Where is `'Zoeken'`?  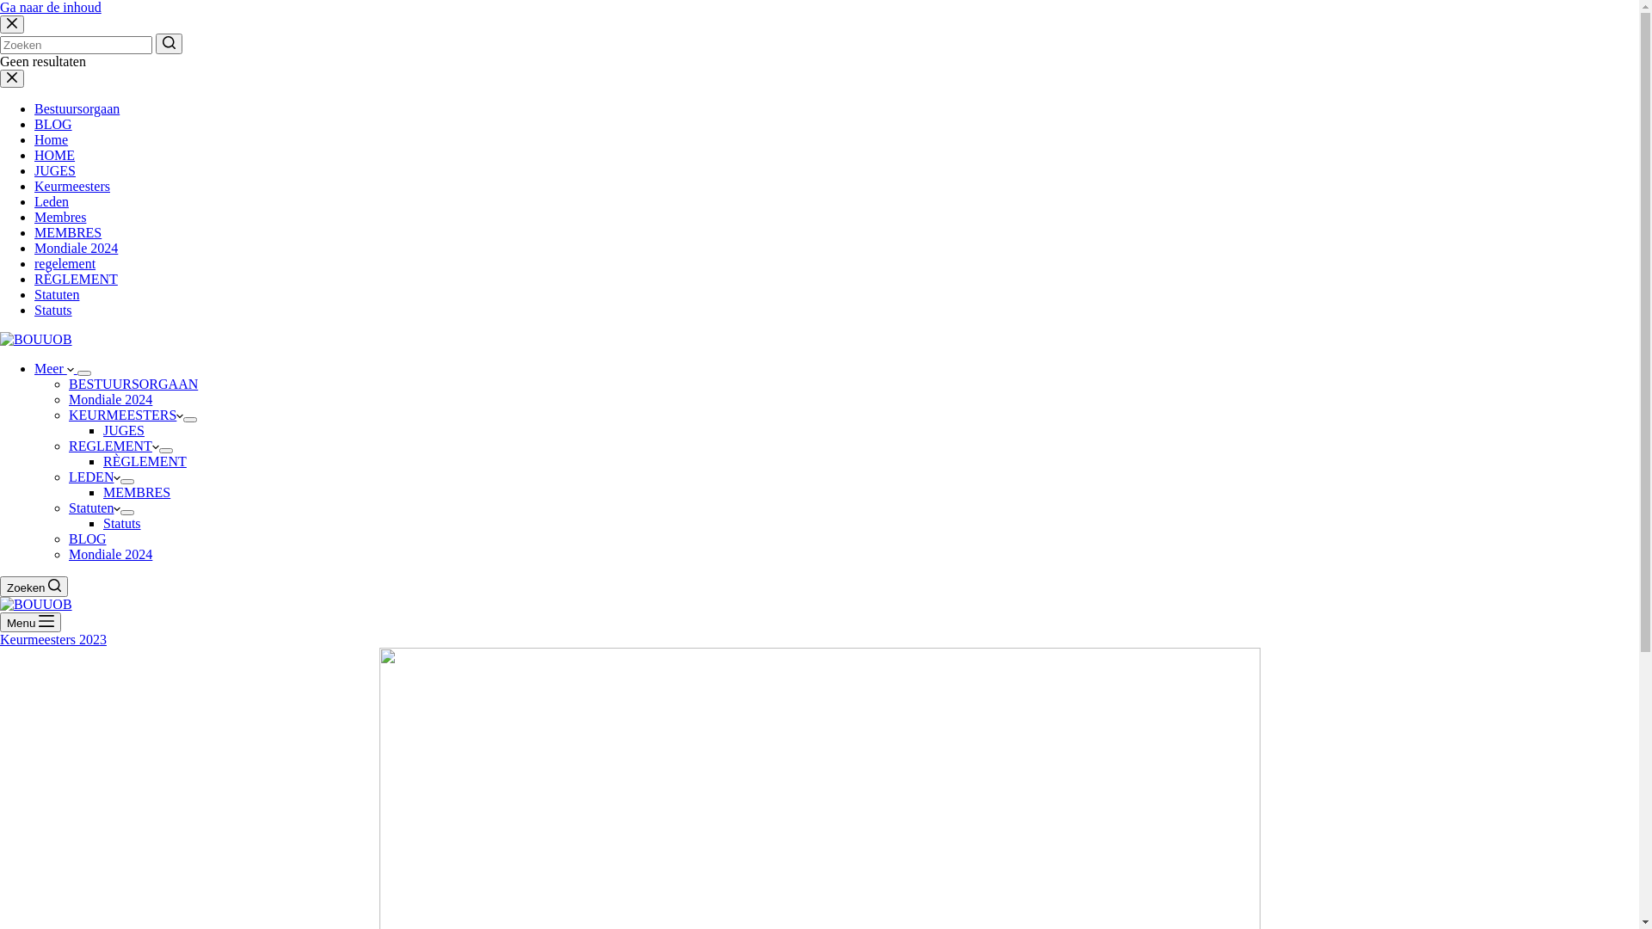
'Zoeken' is located at coordinates (34, 586).